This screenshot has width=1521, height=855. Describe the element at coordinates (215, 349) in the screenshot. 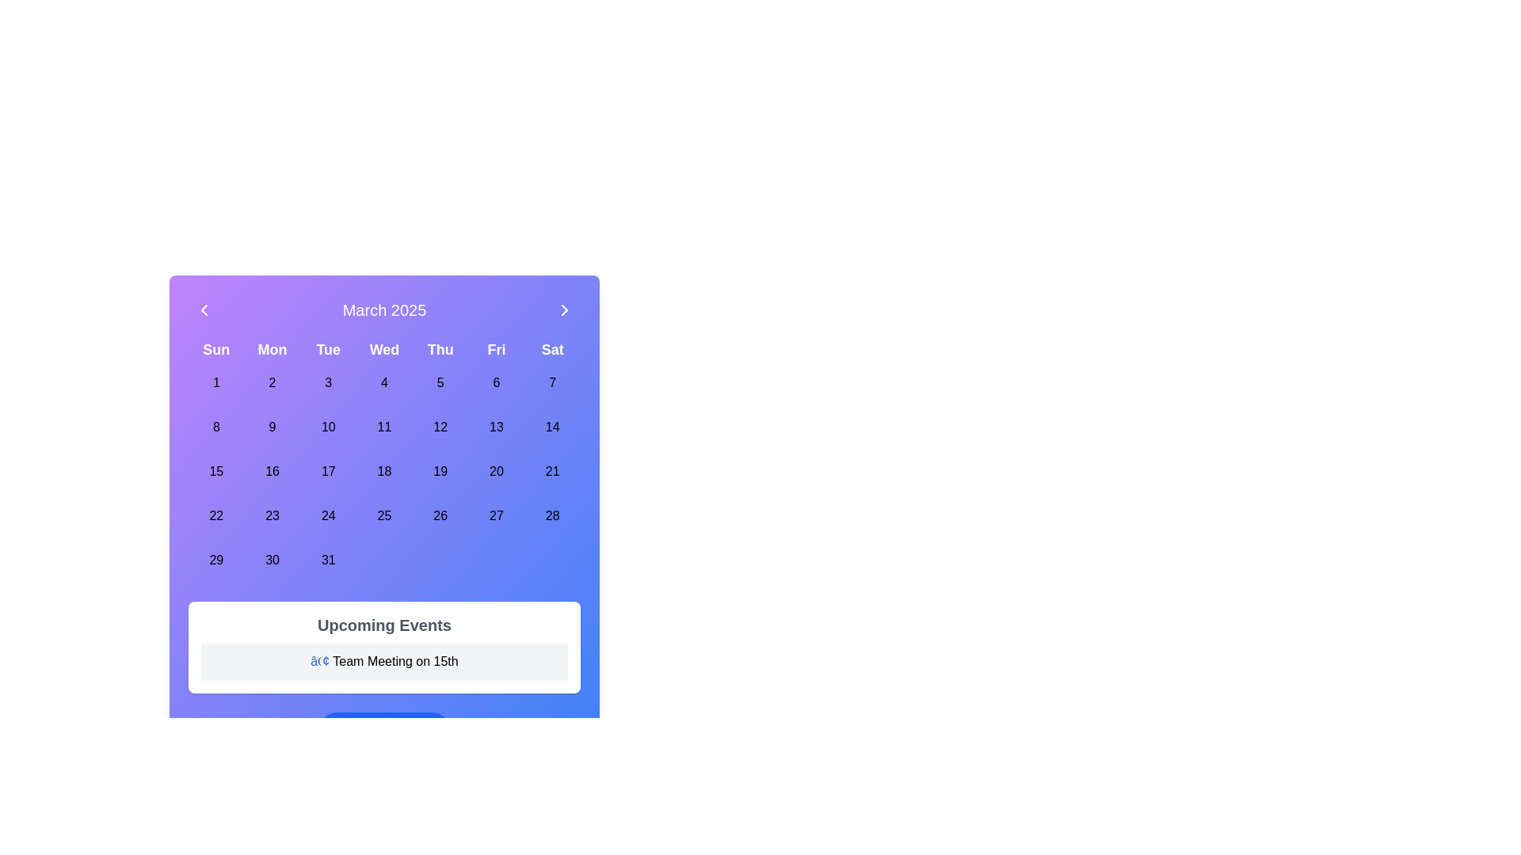

I see `the text label indicating the starting day of the week in the calendar grid, located in the top-left corner of the calendar grid` at that location.